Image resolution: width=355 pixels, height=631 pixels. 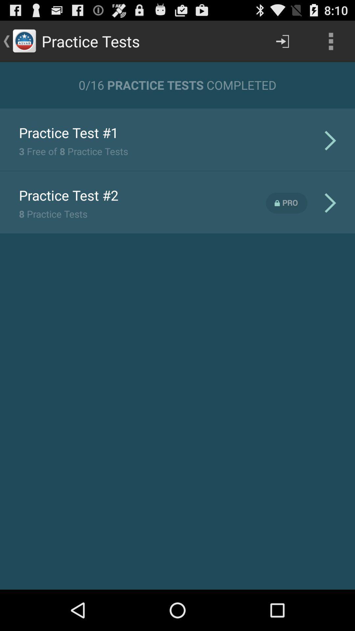 What do you see at coordinates (330, 140) in the screenshot?
I see `the item to the right of the 3 free of app` at bounding box center [330, 140].